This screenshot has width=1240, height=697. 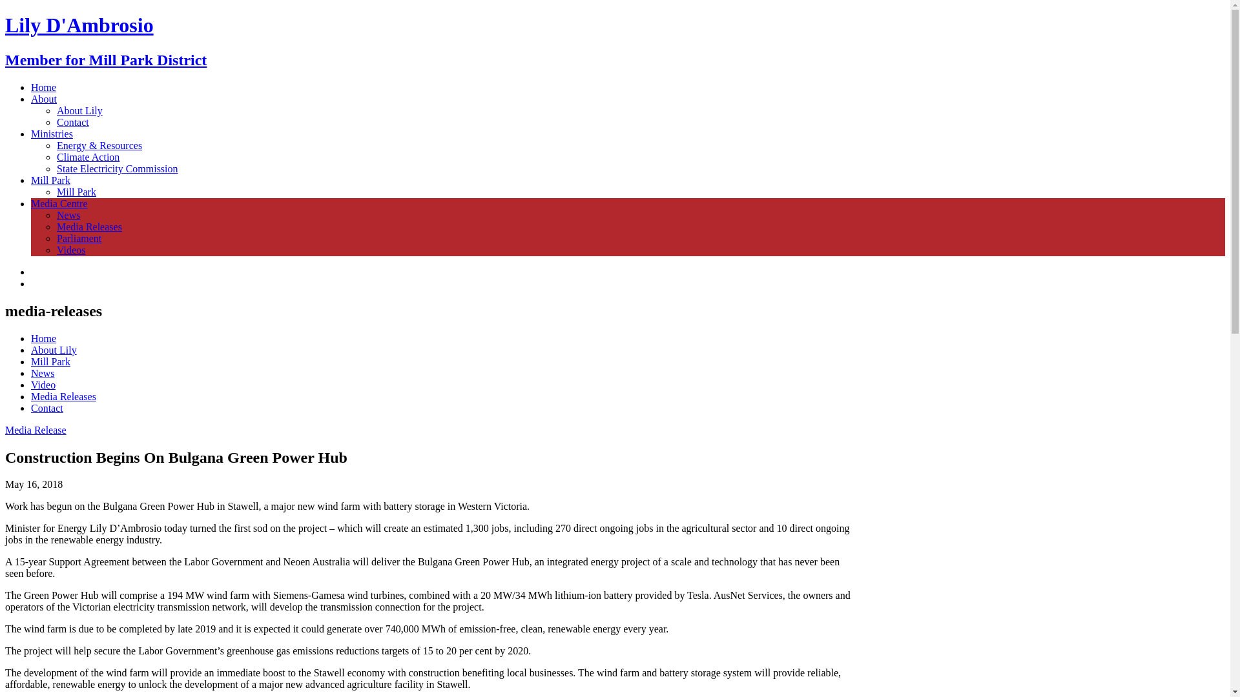 What do you see at coordinates (58, 203) in the screenshot?
I see `'Media Centre'` at bounding box center [58, 203].